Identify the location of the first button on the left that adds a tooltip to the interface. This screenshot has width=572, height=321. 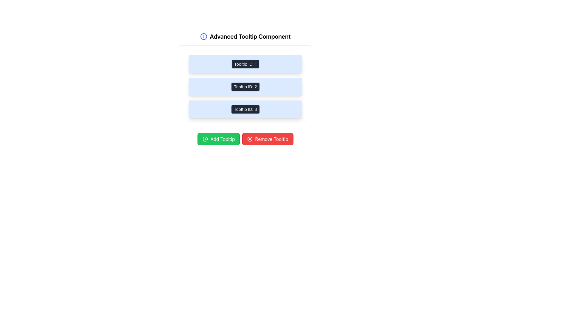
(218, 139).